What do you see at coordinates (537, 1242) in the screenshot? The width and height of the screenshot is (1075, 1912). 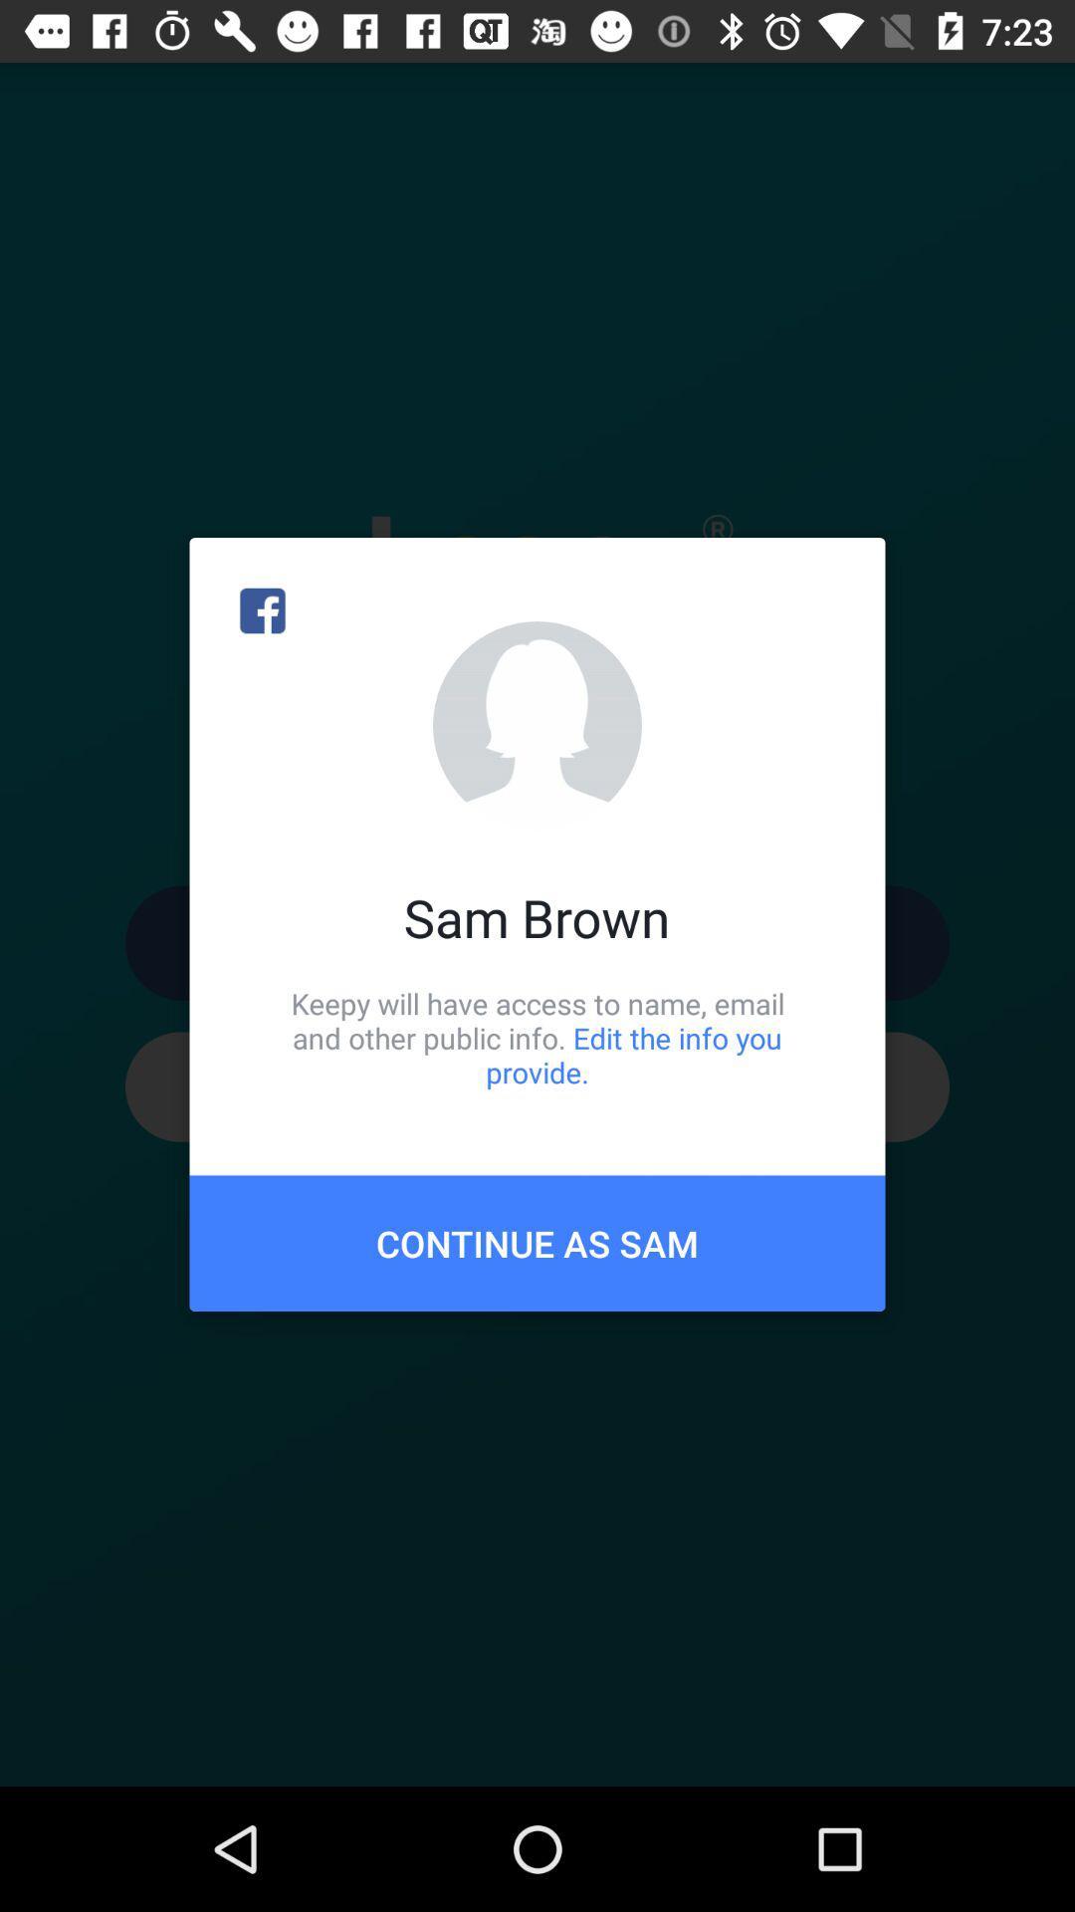 I see `the icon below keepy will have icon` at bounding box center [537, 1242].